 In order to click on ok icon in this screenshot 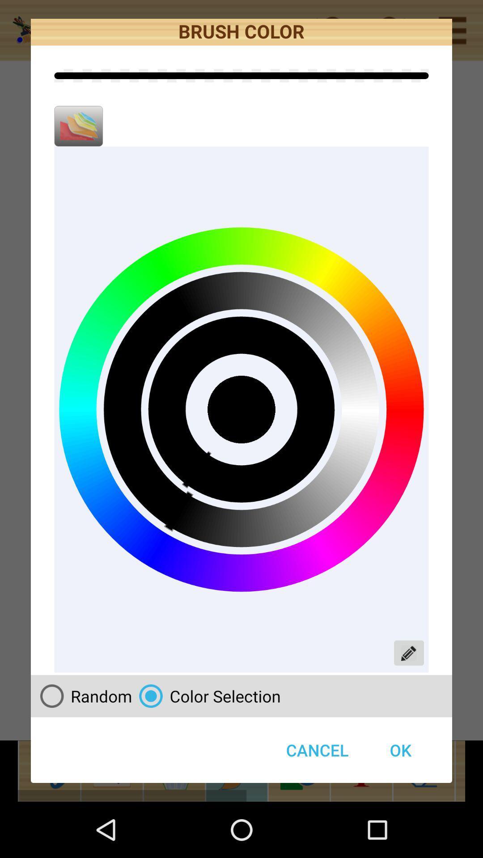, I will do `click(400, 750)`.